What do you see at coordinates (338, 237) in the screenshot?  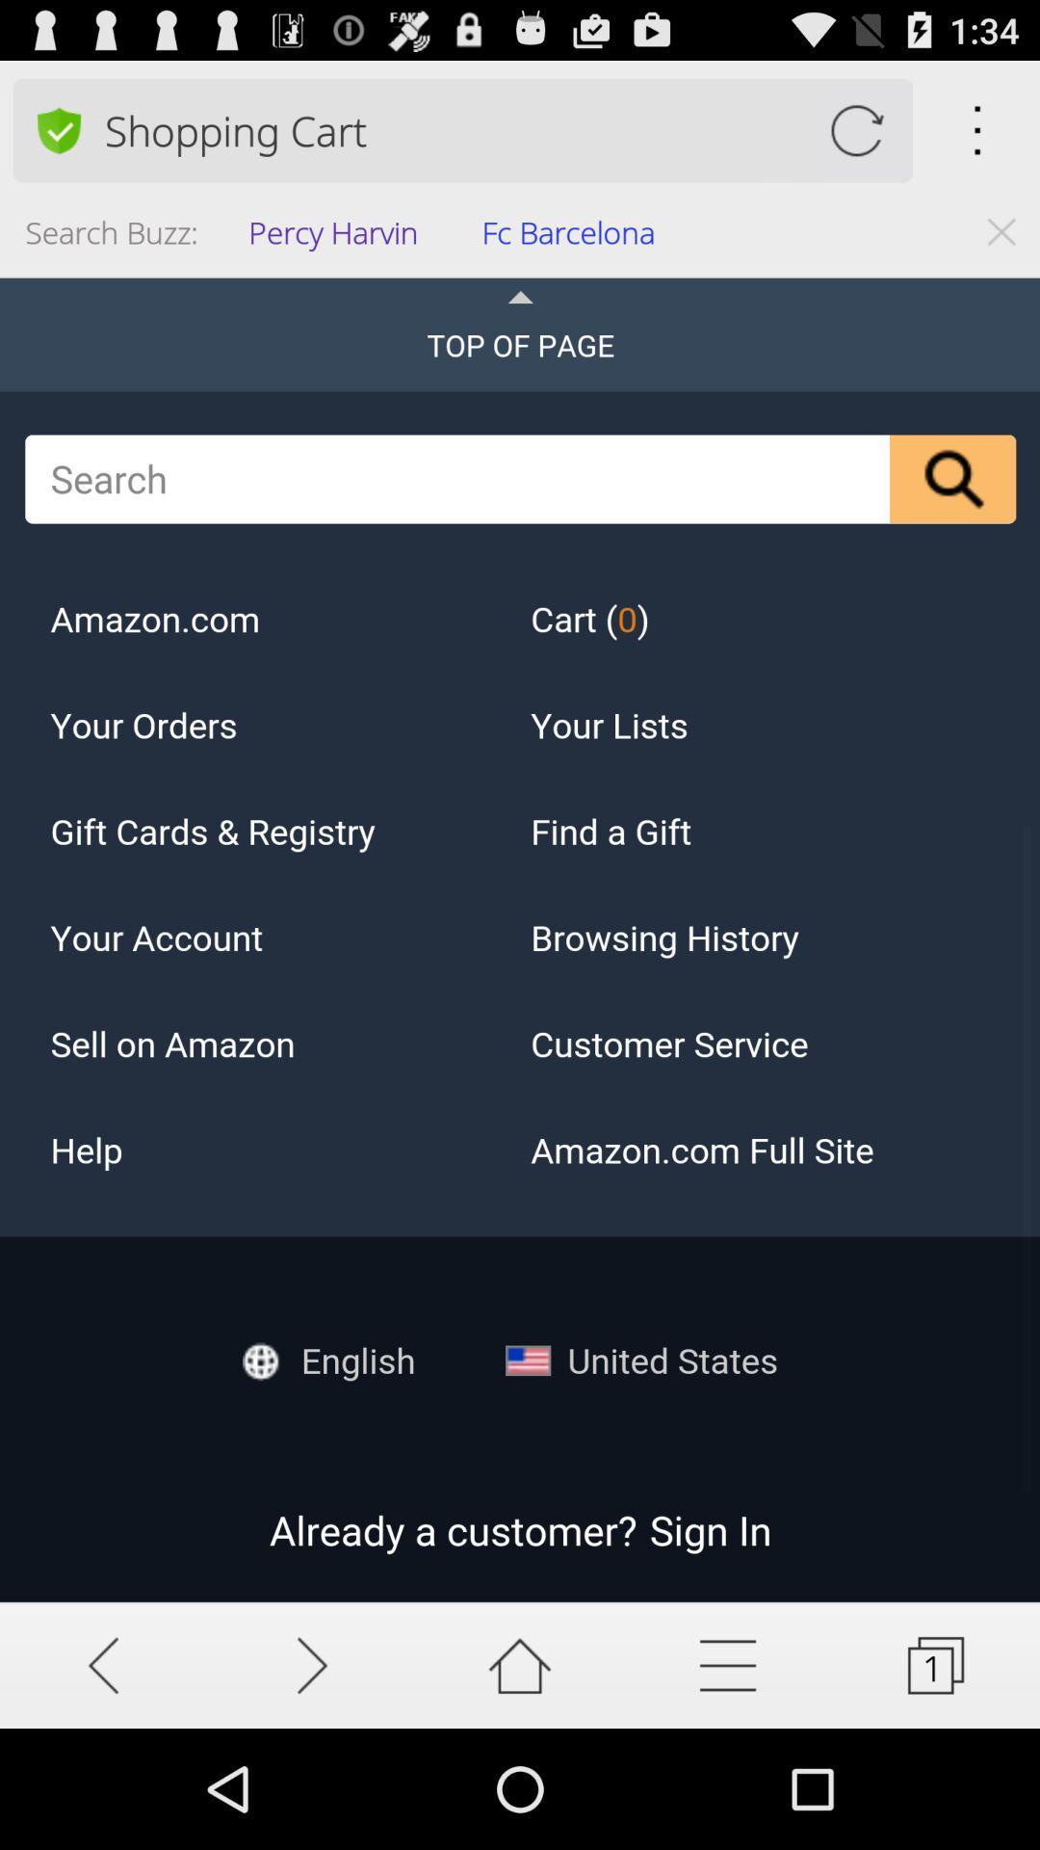 I see `the app below the shopping cart app` at bounding box center [338, 237].